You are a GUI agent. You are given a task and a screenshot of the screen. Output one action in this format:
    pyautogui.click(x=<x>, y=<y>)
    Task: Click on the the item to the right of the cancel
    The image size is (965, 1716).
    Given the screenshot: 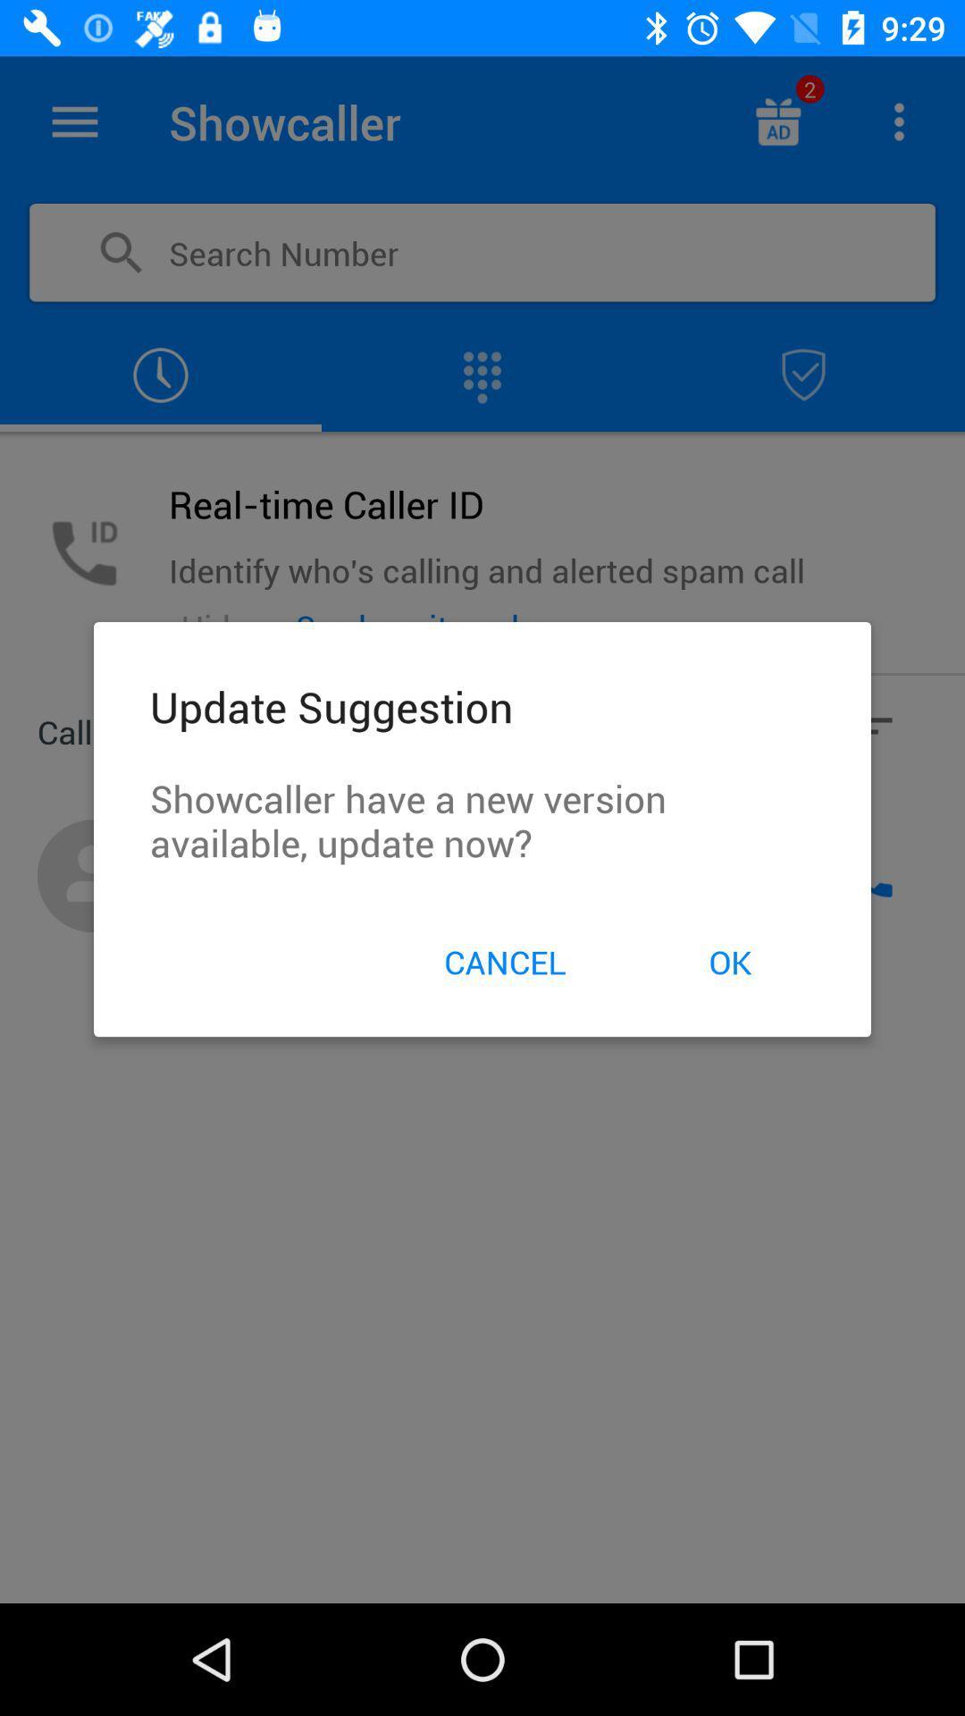 What is the action you would take?
    pyautogui.click(x=730, y=961)
    